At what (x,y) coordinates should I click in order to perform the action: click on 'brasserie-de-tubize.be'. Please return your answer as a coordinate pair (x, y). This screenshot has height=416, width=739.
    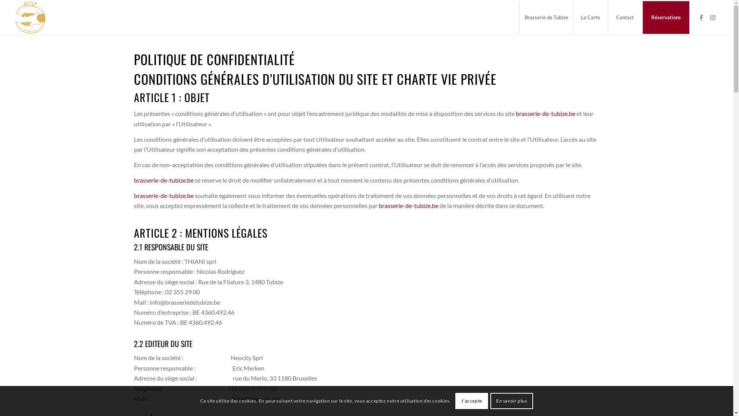
    Looking at the image, I should click on (545, 113).